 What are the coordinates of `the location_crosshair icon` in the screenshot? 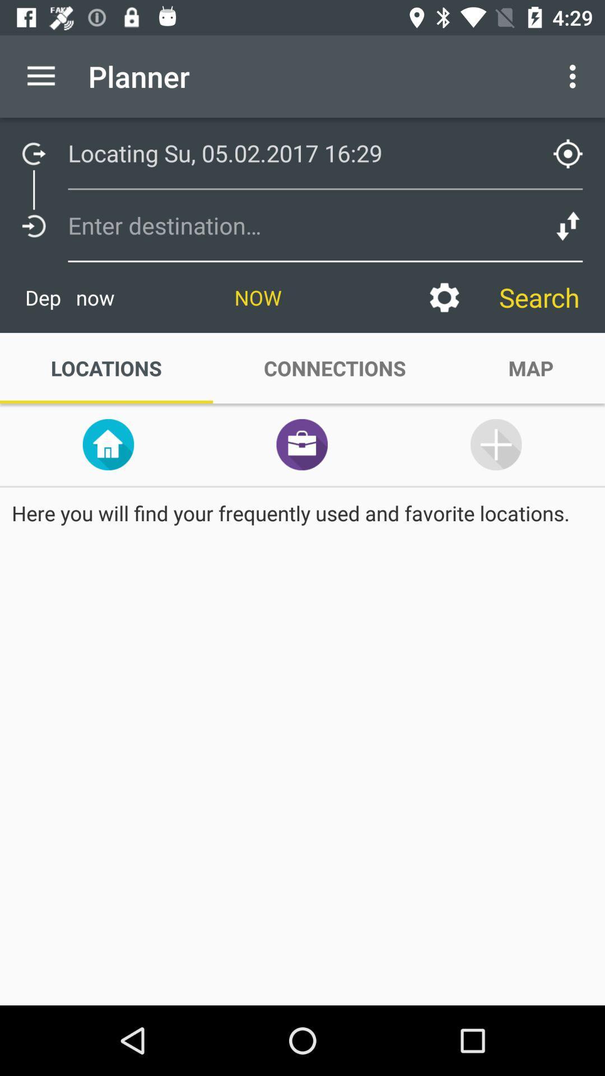 It's located at (568, 153).